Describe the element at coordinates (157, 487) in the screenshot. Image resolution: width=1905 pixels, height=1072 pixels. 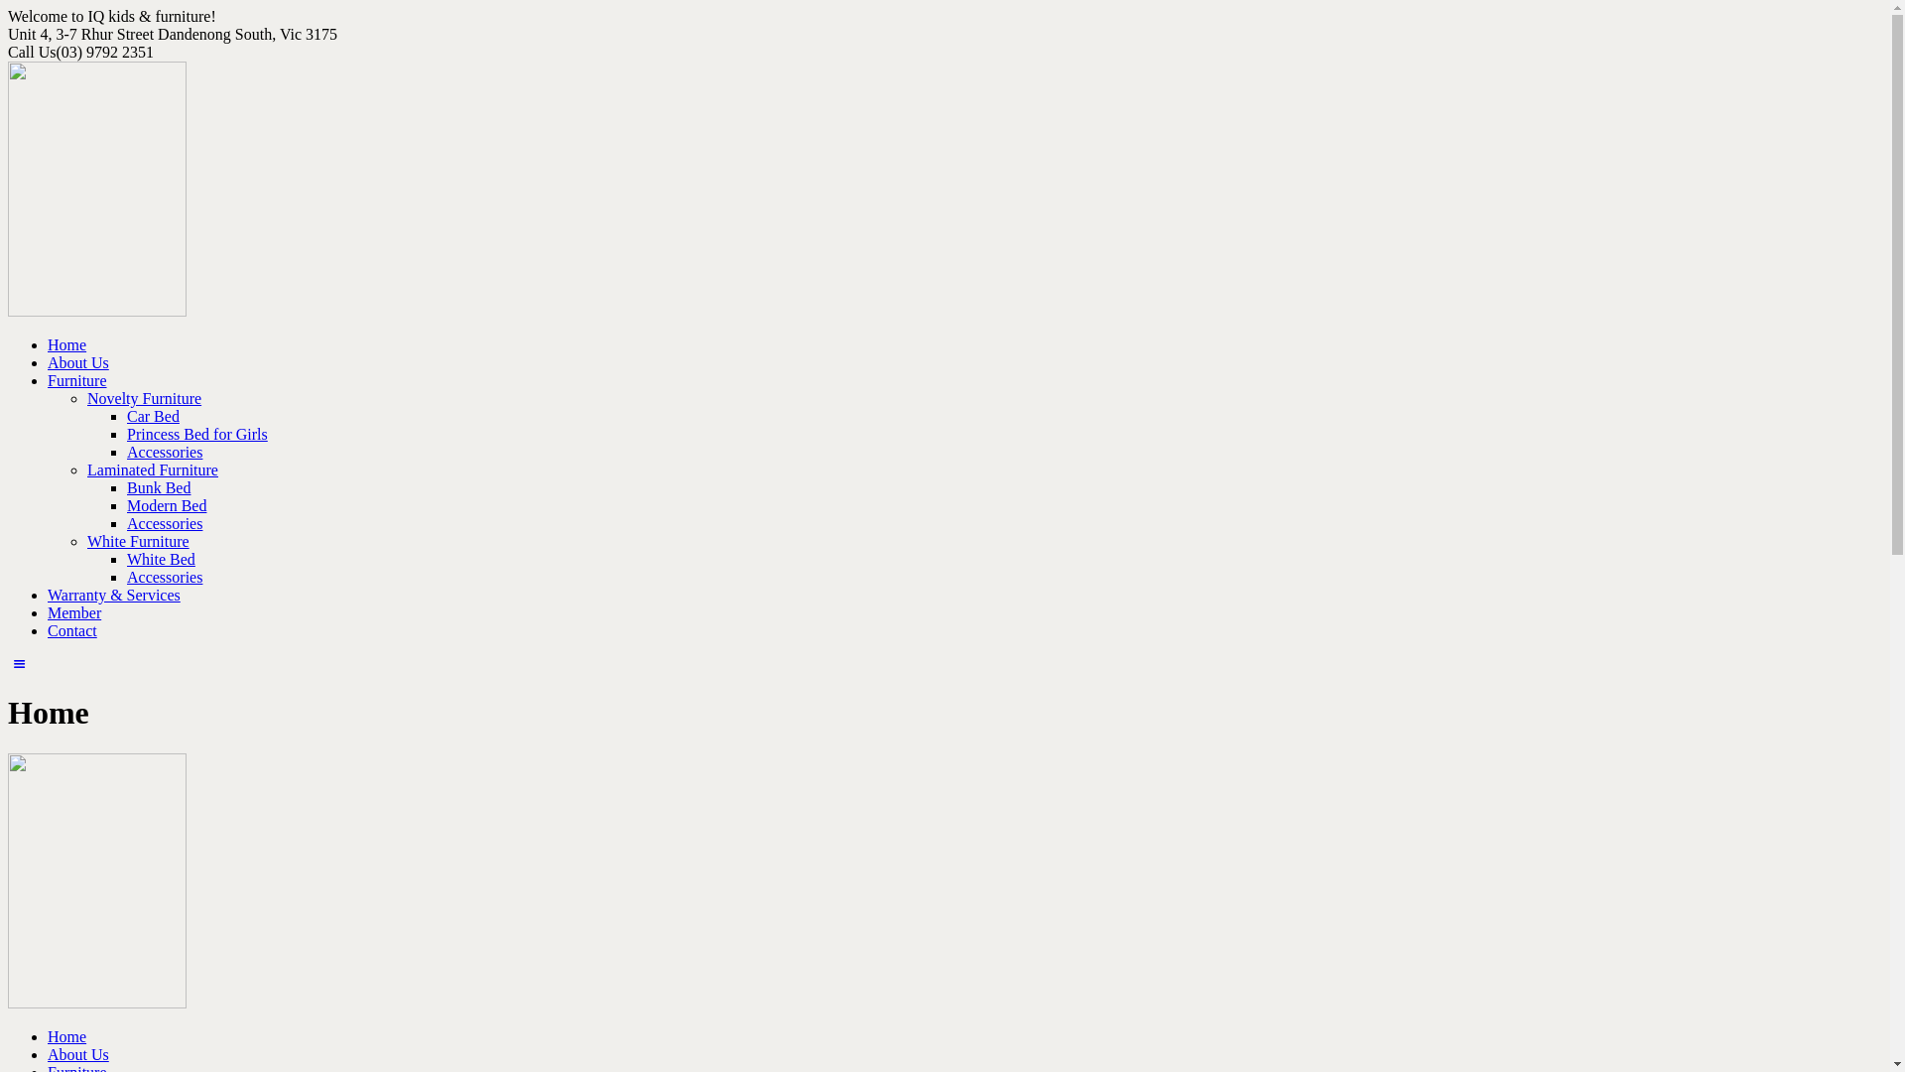
I see `'Bunk Bed'` at that location.